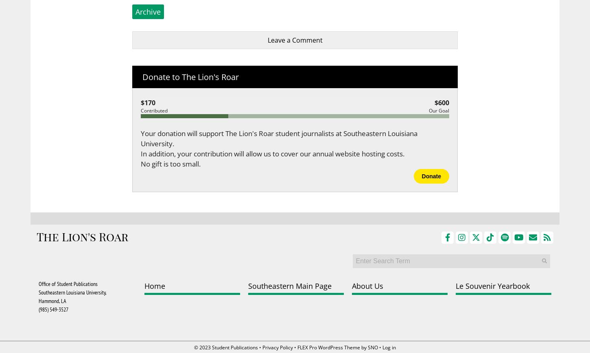 This screenshot has width=590, height=353. Describe the element at coordinates (363, 347) in the screenshot. I see `'by'` at that location.